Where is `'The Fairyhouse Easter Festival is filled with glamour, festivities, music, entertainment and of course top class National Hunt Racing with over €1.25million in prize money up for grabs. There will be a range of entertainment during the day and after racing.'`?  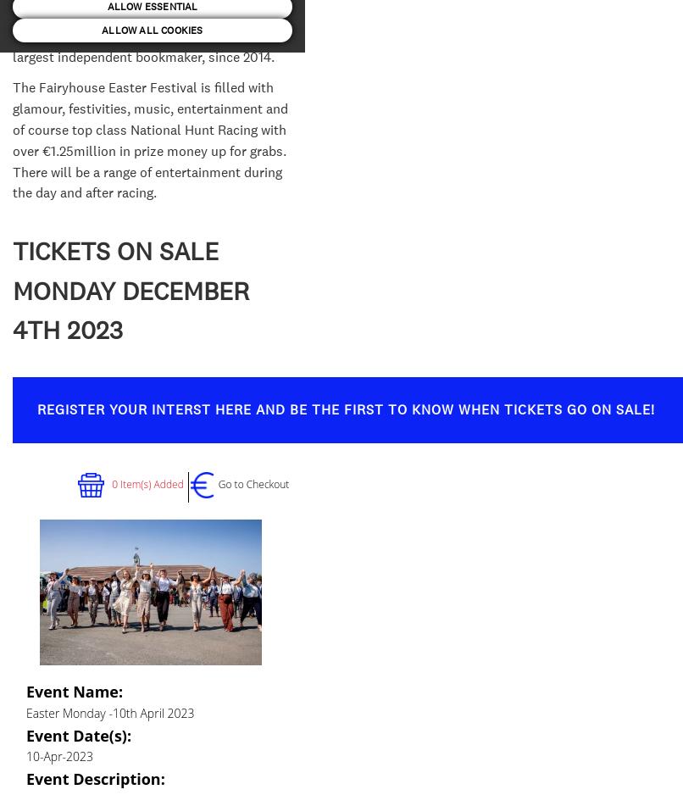
'The Fairyhouse Easter Festival is filled with glamour, festivities, music, entertainment and of course top class National Hunt Racing with over €1.25million in prize money up for grabs. There will be a range of entertainment during the day and after racing.' is located at coordinates (12, 140).